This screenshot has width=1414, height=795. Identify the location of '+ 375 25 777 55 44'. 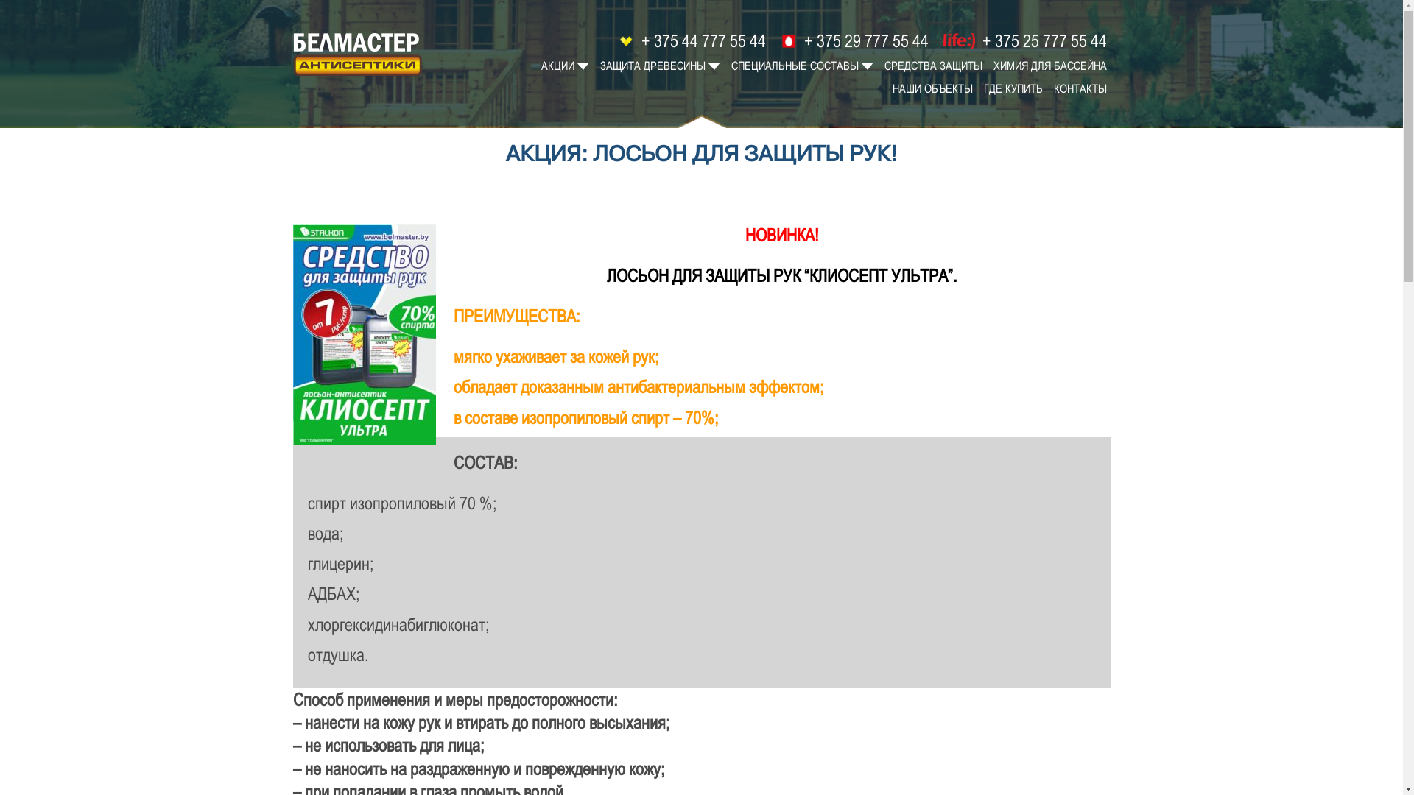
(1021, 40).